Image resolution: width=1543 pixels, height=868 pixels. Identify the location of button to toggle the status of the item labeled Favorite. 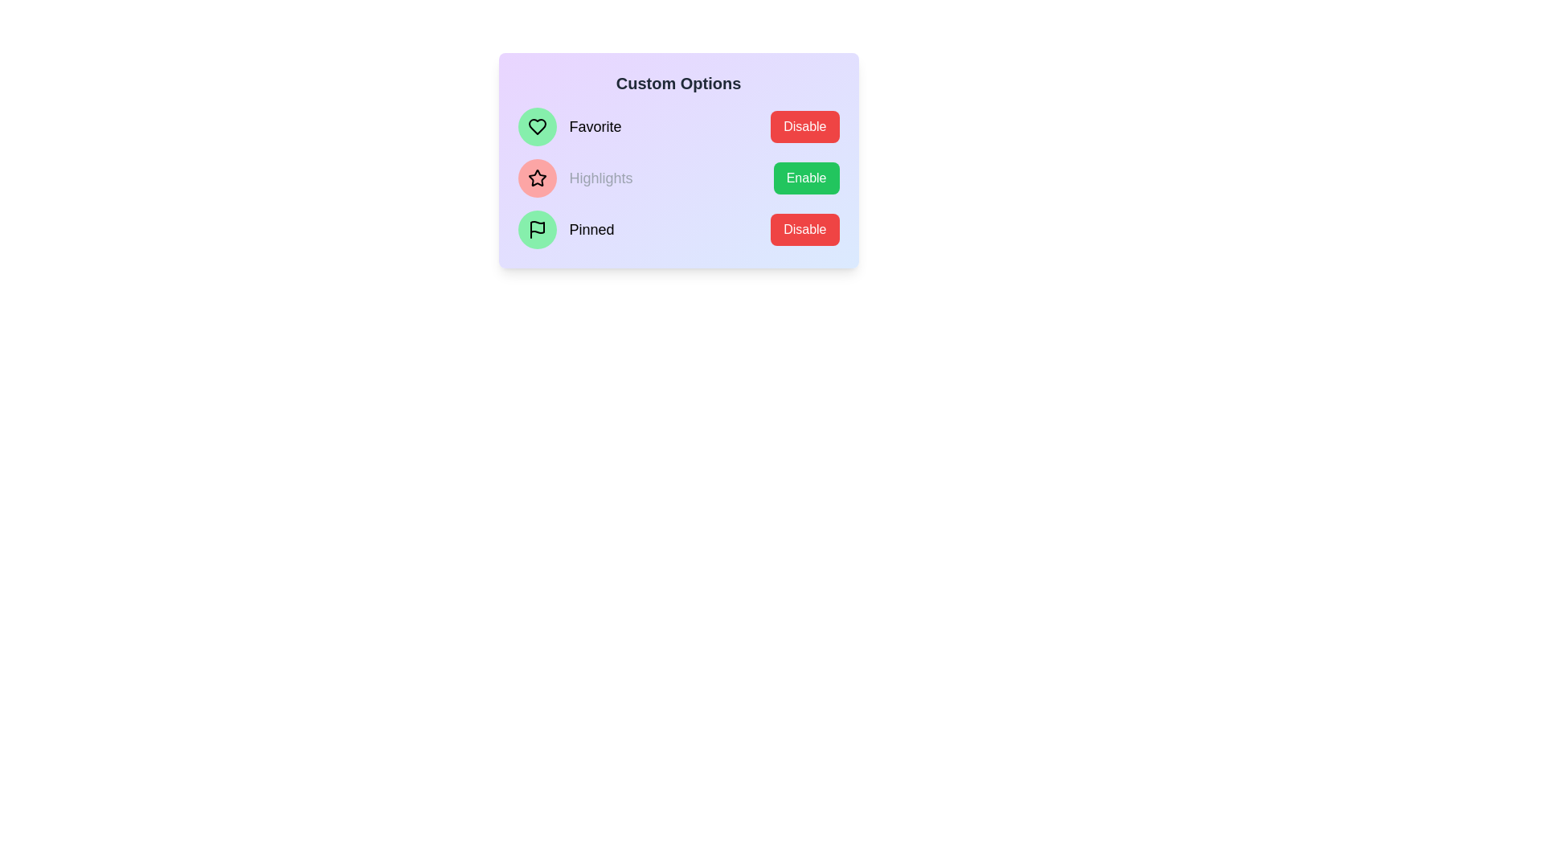
(804, 126).